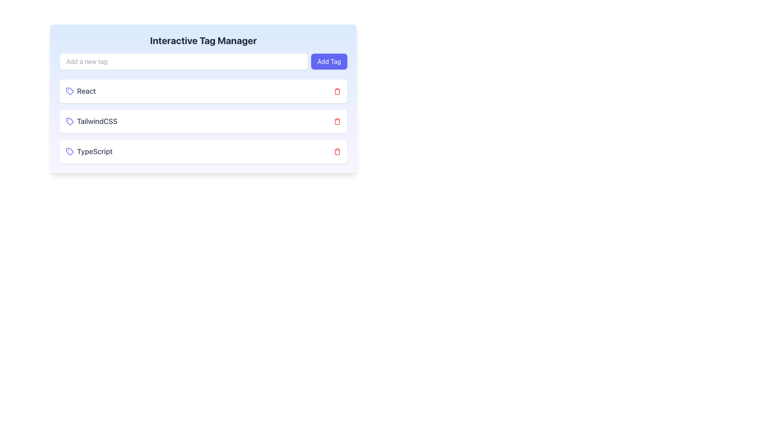  What do you see at coordinates (329, 61) in the screenshot?
I see `the 'Add Tag' button` at bounding box center [329, 61].